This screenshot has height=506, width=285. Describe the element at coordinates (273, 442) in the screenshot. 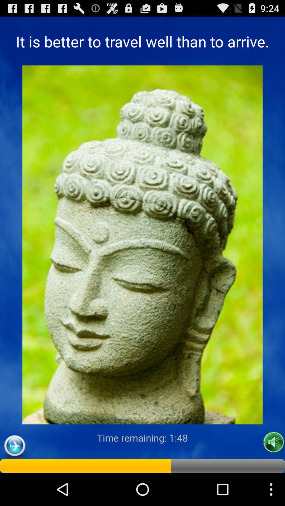

I see `icon at the bottom right corner` at that location.